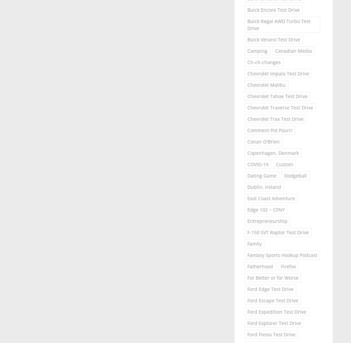 This screenshot has height=343, width=351. Describe the element at coordinates (273, 10) in the screenshot. I see `'Buick Encore Test Drive'` at that location.